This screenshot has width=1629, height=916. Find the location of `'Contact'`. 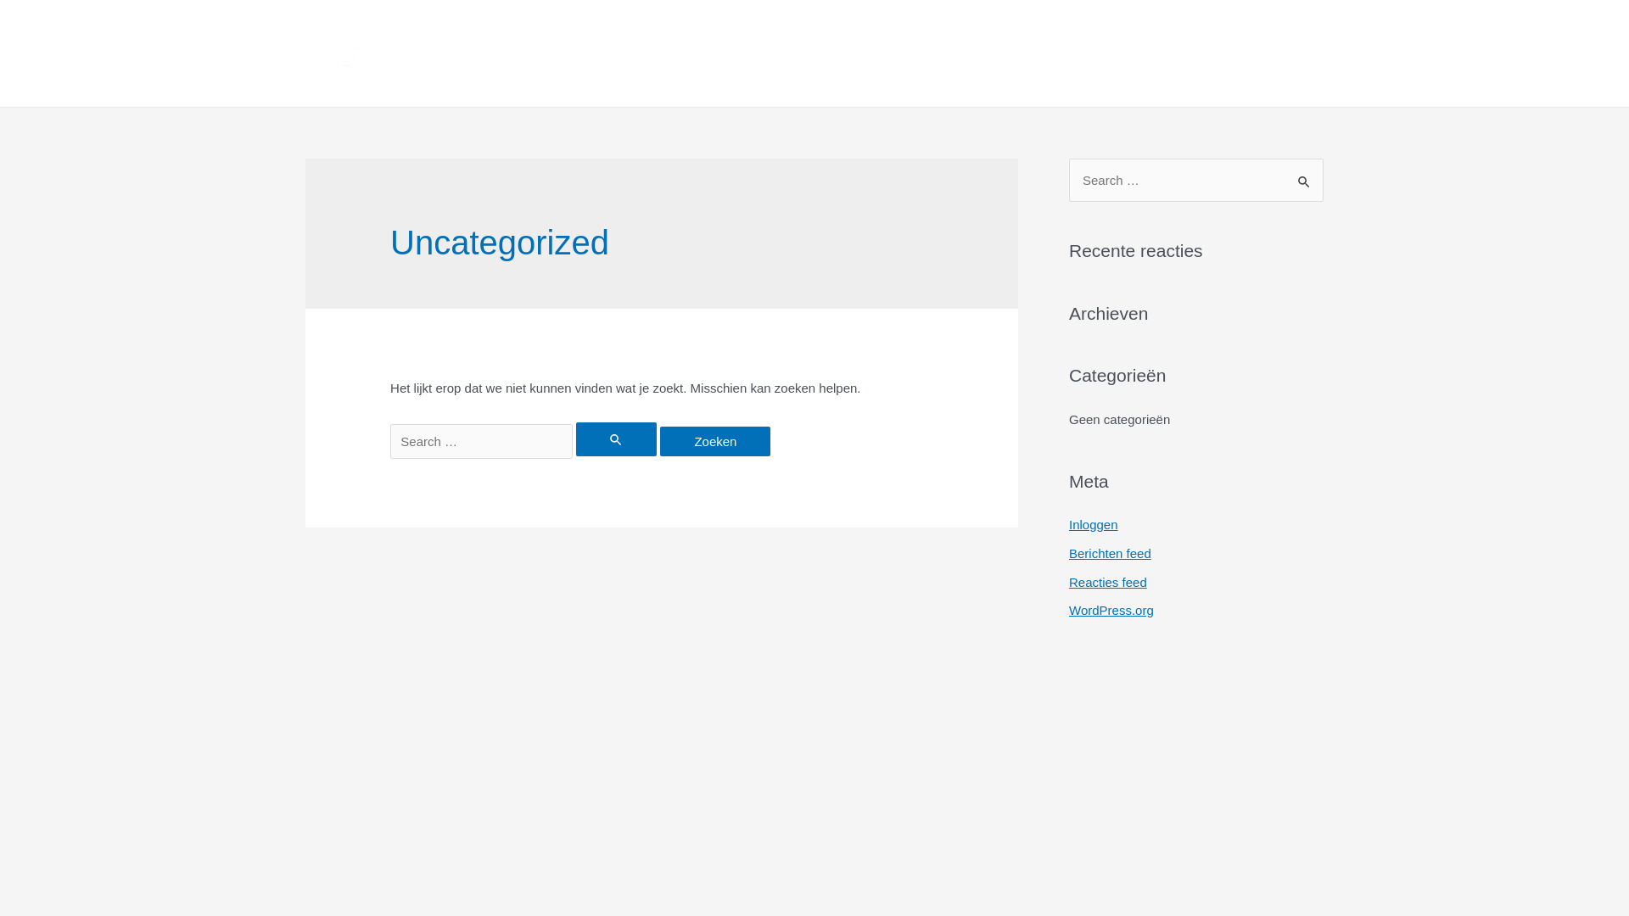

'Contact' is located at coordinates (1268, 52).